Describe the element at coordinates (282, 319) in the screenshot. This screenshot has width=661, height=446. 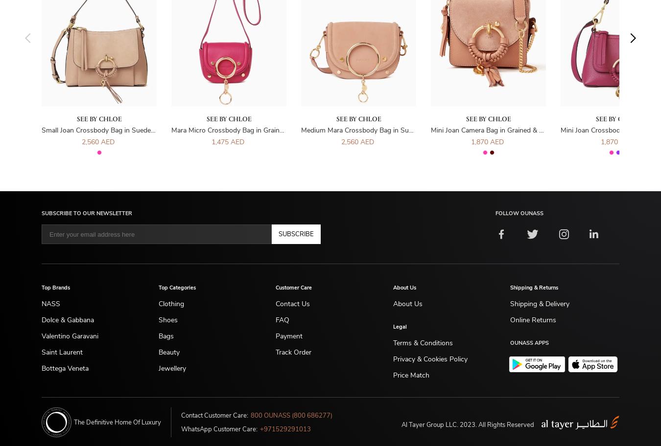
I see `'FAQ'` at that location.